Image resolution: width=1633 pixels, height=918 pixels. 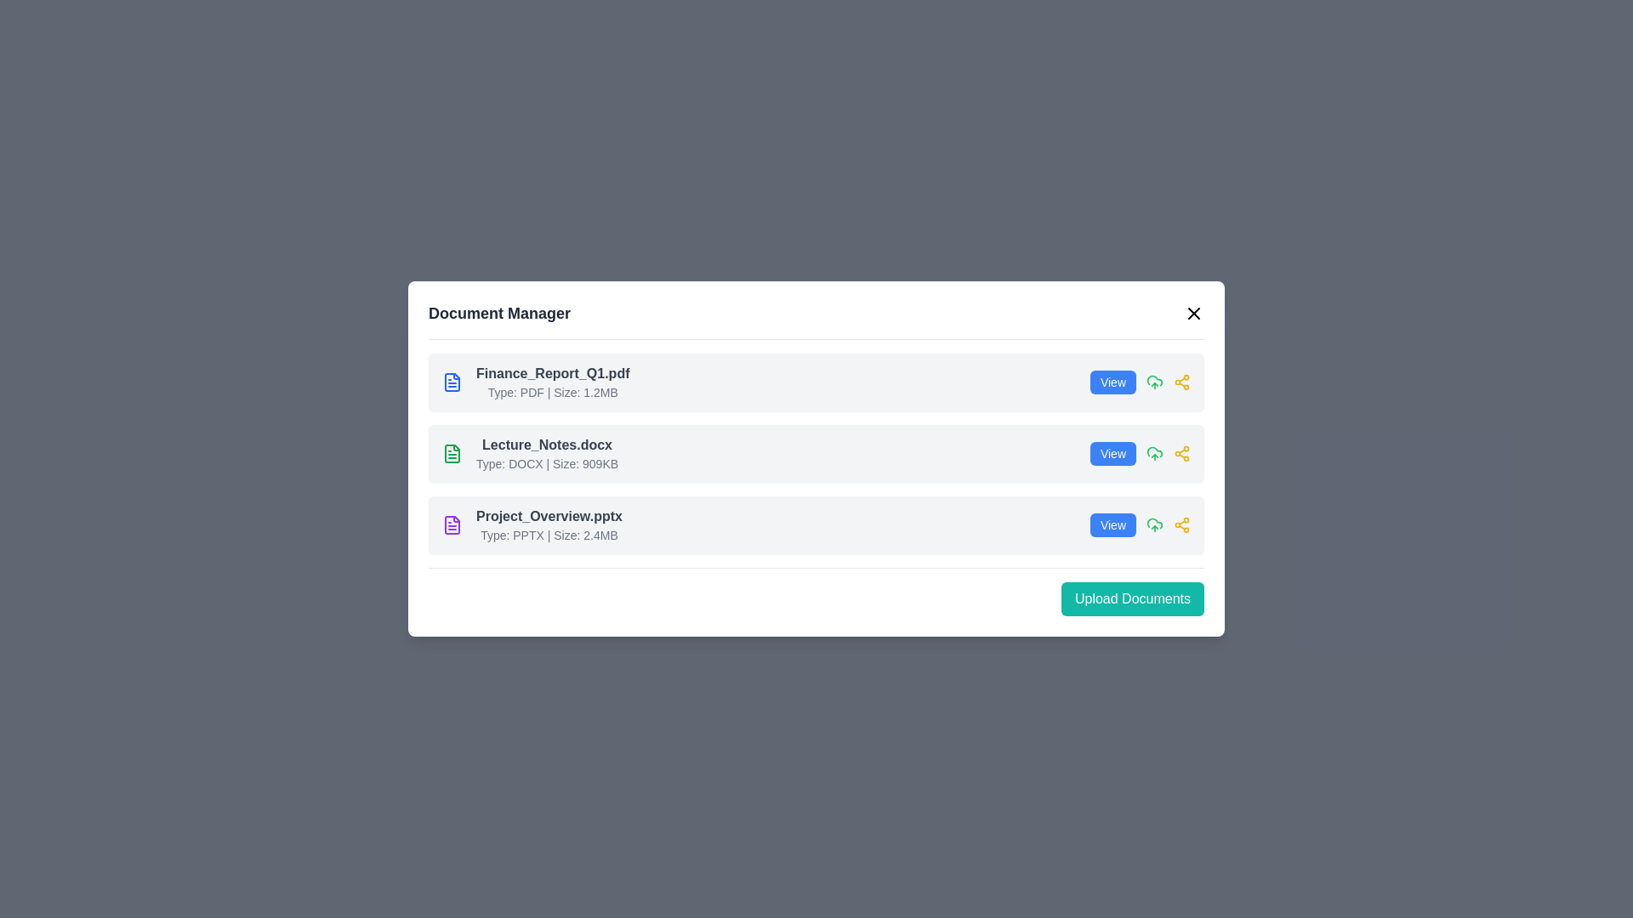 What do you see at coordinates (816, 382) in the screenshot?
I see `the action icons of the document entry for 'Finance_Report_Q1.pdf'` at bounding box center [816, 382].